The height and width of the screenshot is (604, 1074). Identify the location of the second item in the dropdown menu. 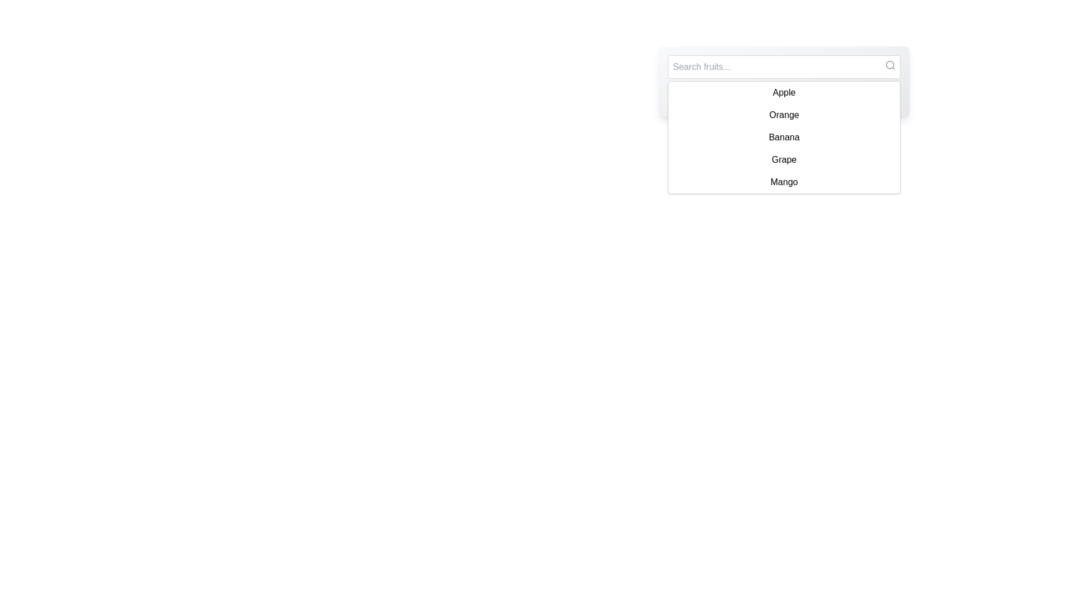
(783, 115).